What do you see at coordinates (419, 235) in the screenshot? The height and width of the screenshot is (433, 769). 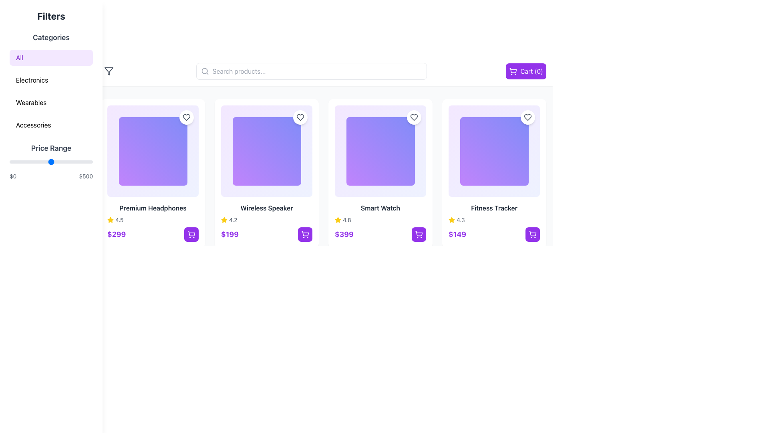 I see `the 'Add to Cart' button located at the bottom-right corner of the 'Smart Watch' product card, next to the price label ('$399')` at bounding box center [419, 235].